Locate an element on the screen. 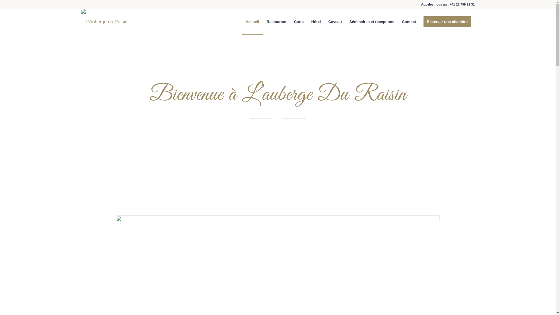 The image size is (560, 315). 'logo' is located at coordinates (104, 16).